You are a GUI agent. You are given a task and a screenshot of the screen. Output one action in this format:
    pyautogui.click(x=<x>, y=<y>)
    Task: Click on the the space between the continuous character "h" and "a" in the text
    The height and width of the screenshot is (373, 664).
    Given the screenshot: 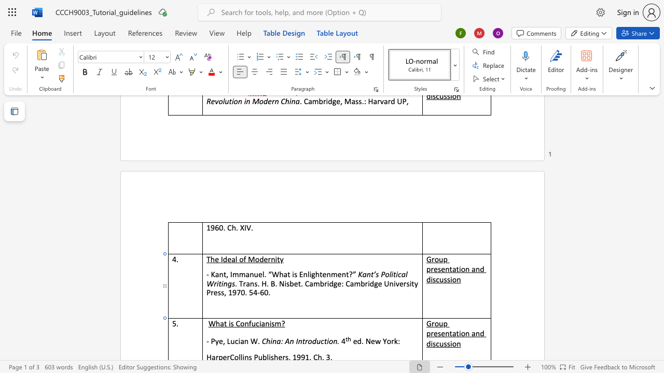 What is the action you would take?
    pyautogui.click(x=219, y=323)
    